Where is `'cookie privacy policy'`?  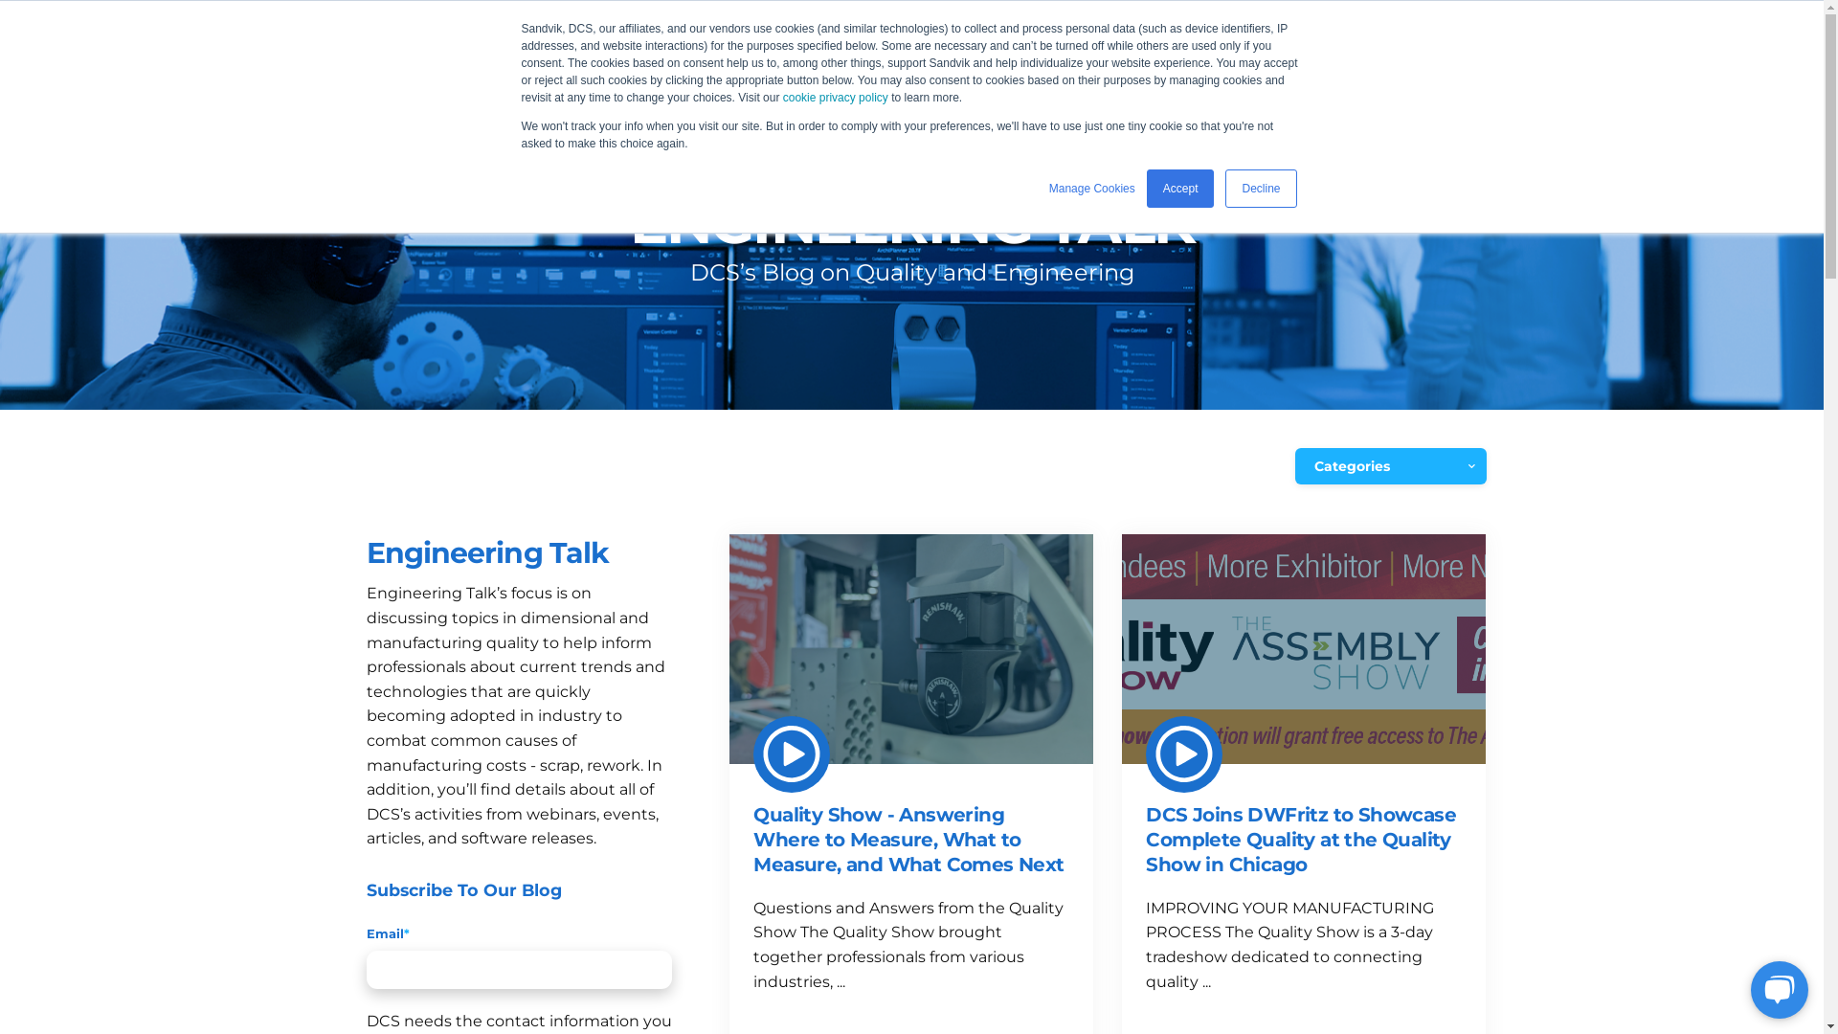 'cookie privacy policy' is located at coordinates (836, 97).